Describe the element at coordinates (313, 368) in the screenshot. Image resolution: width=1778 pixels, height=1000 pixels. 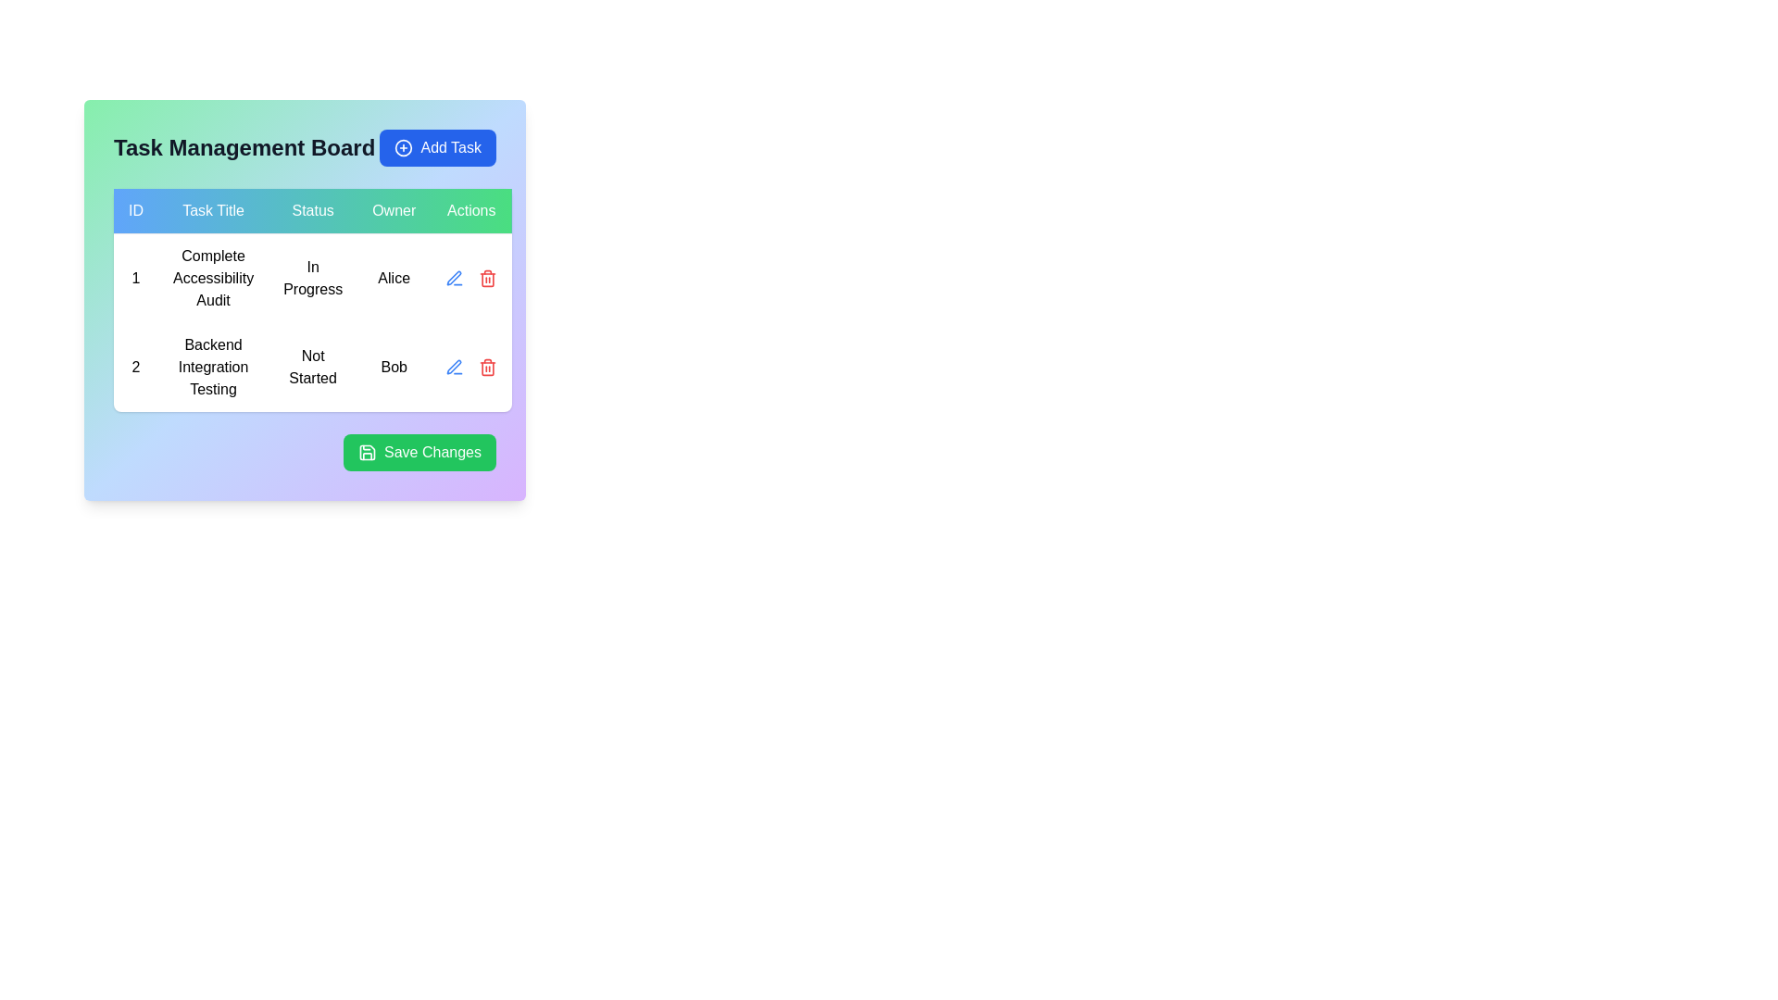
I see `the 'Not Started' text label located in the 'Status' column of the Task Management Board, which is associated with 'Backend Integration Testing'` at that location.